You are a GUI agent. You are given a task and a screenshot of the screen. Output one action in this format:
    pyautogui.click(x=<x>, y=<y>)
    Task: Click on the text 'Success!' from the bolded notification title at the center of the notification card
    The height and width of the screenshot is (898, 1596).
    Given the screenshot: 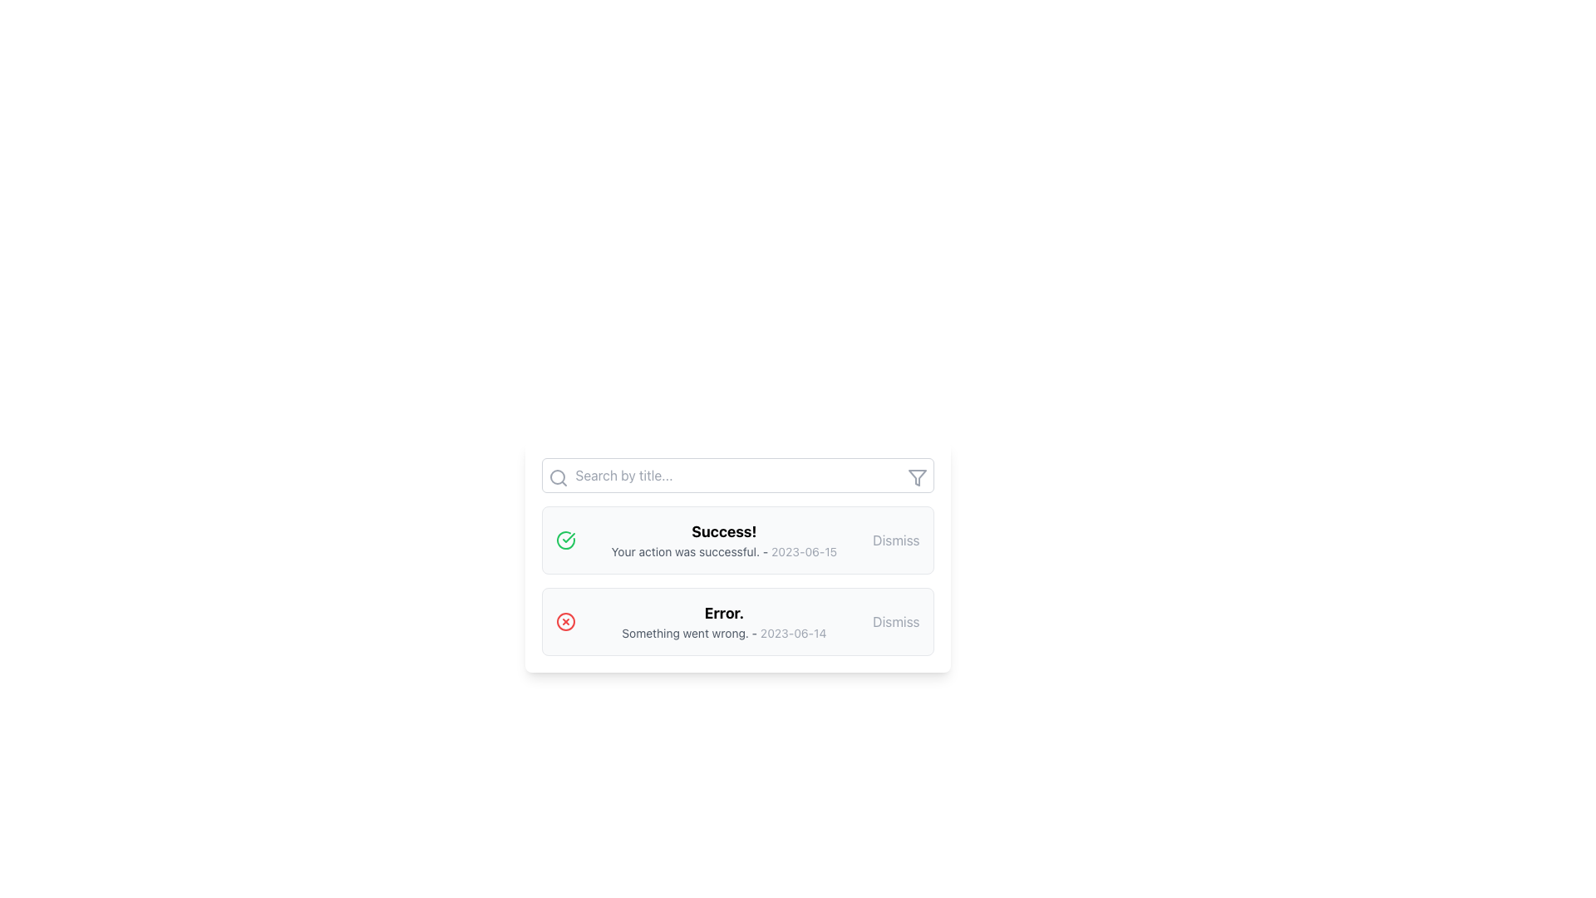 What is the action you would take?
    pyautogui.click(x=724, y=532)
    